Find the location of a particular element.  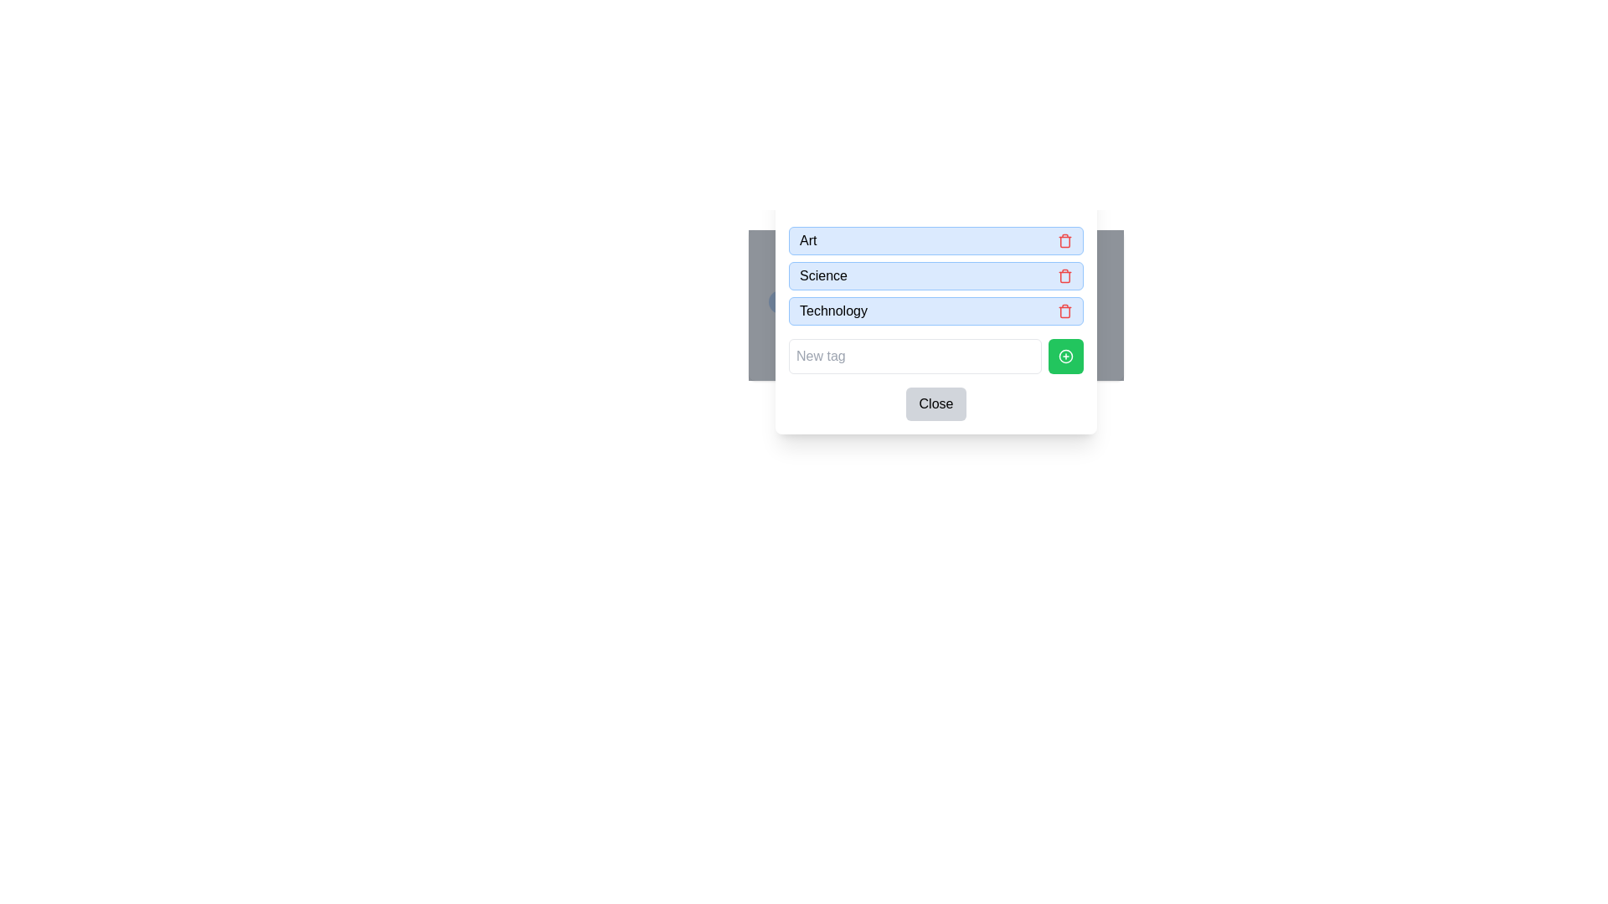

the third tag label in the horizontal row, which provides context about the associated item is located at coordinates (918, 302).